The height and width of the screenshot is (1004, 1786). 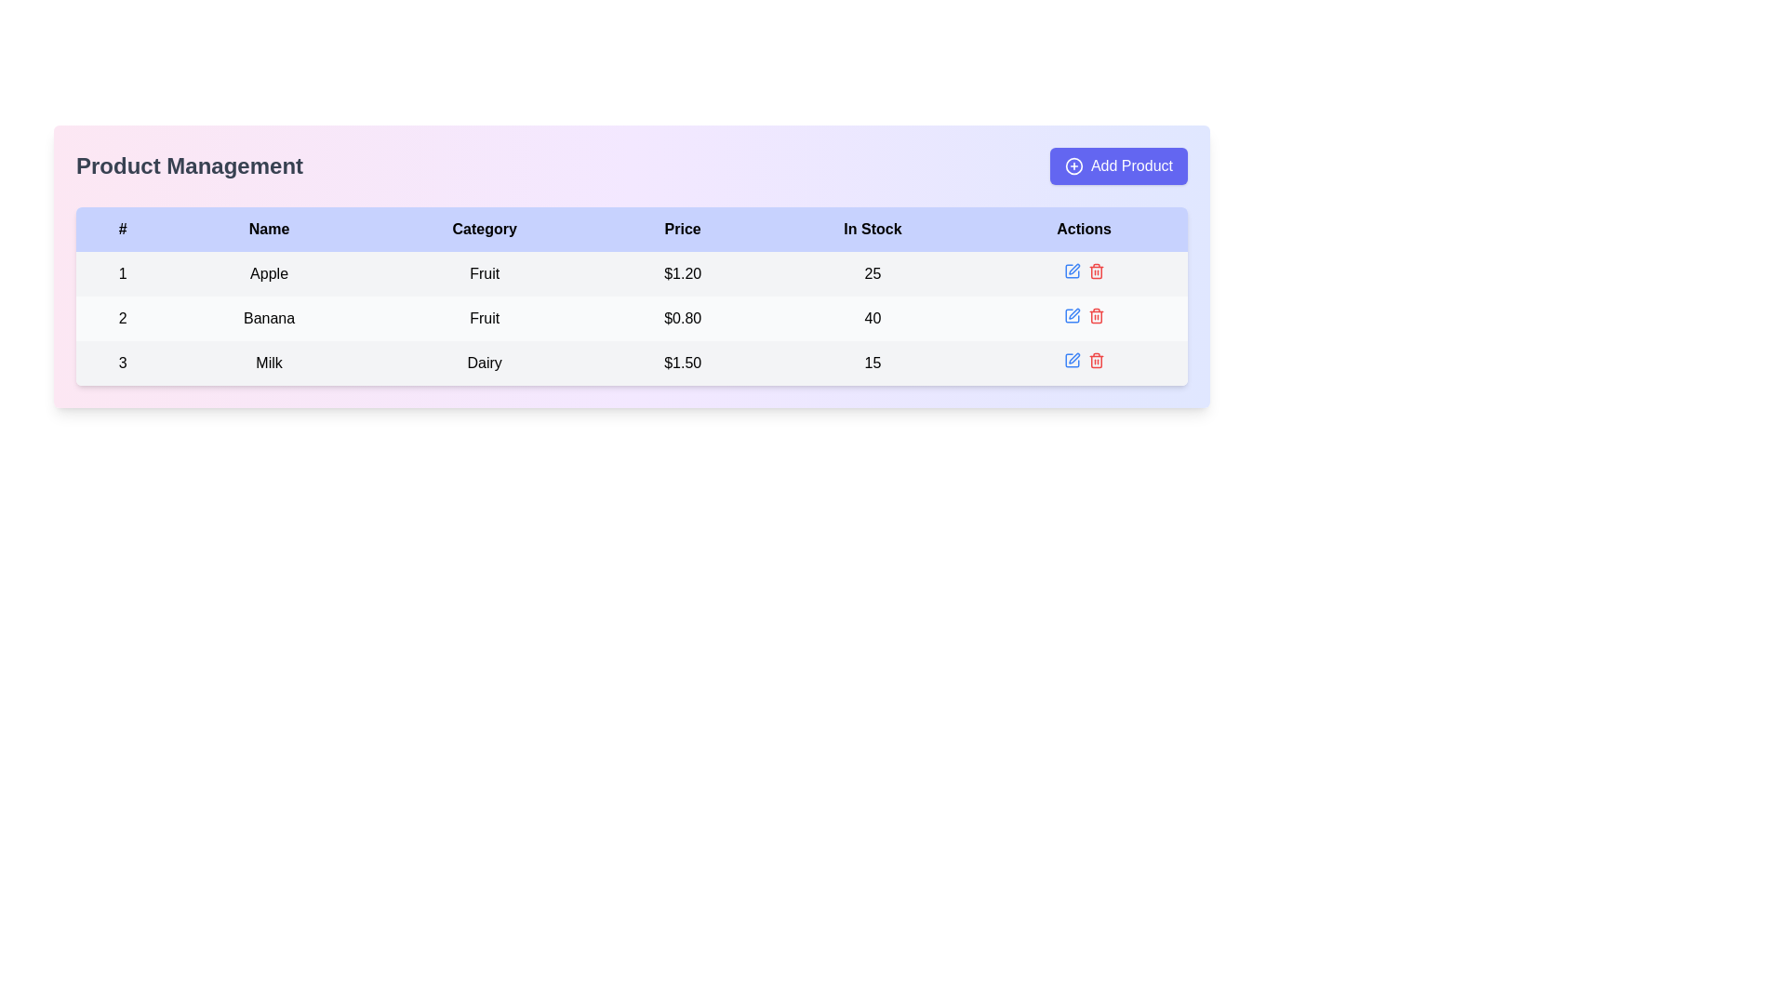 What do you see at coordinates (1072, 271) in the screenshot?
I see `the edit icon located in the top-right corner of the square icon in the last row of the 'Actions' column of the data table to initiate an edit action` at bounding box center [1072, 271].